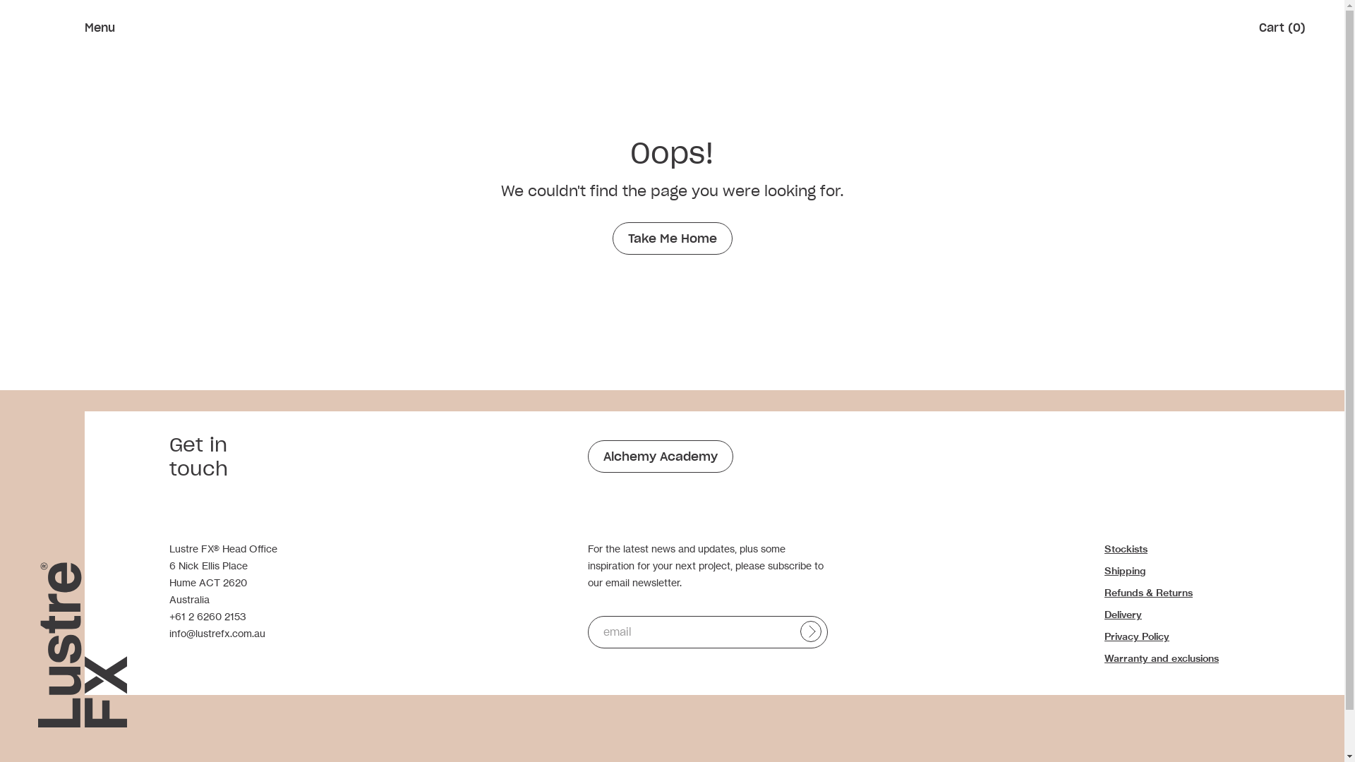 This screenshot has height=762, width=1355. I want to click on '+61 2 6260 2153', so click(207, 615).